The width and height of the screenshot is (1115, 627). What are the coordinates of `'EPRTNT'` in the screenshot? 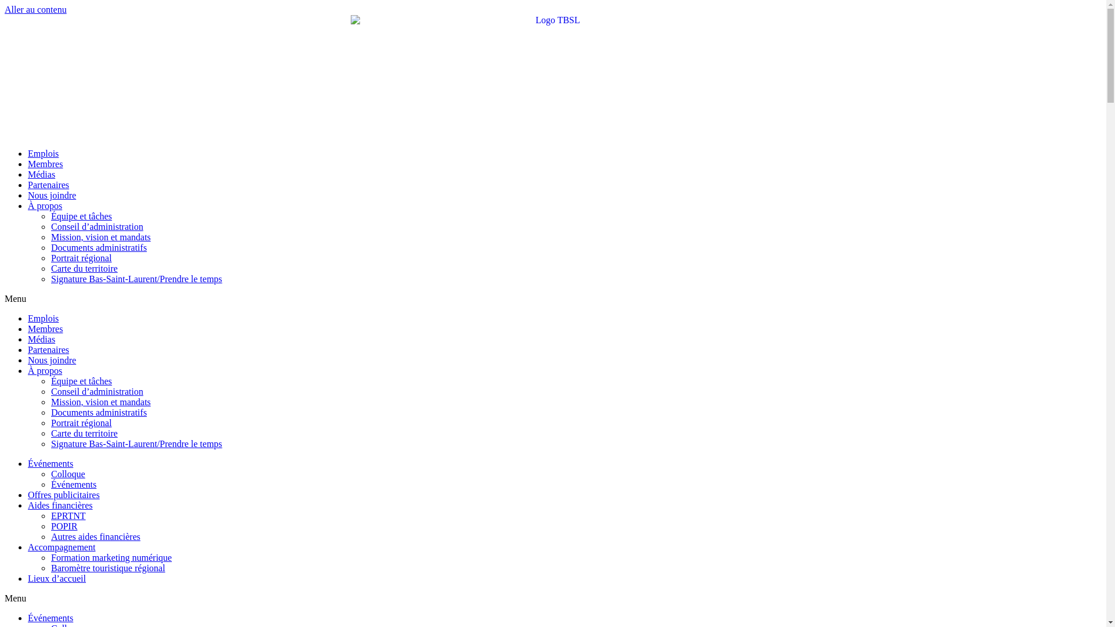 It's located at (67, 515).